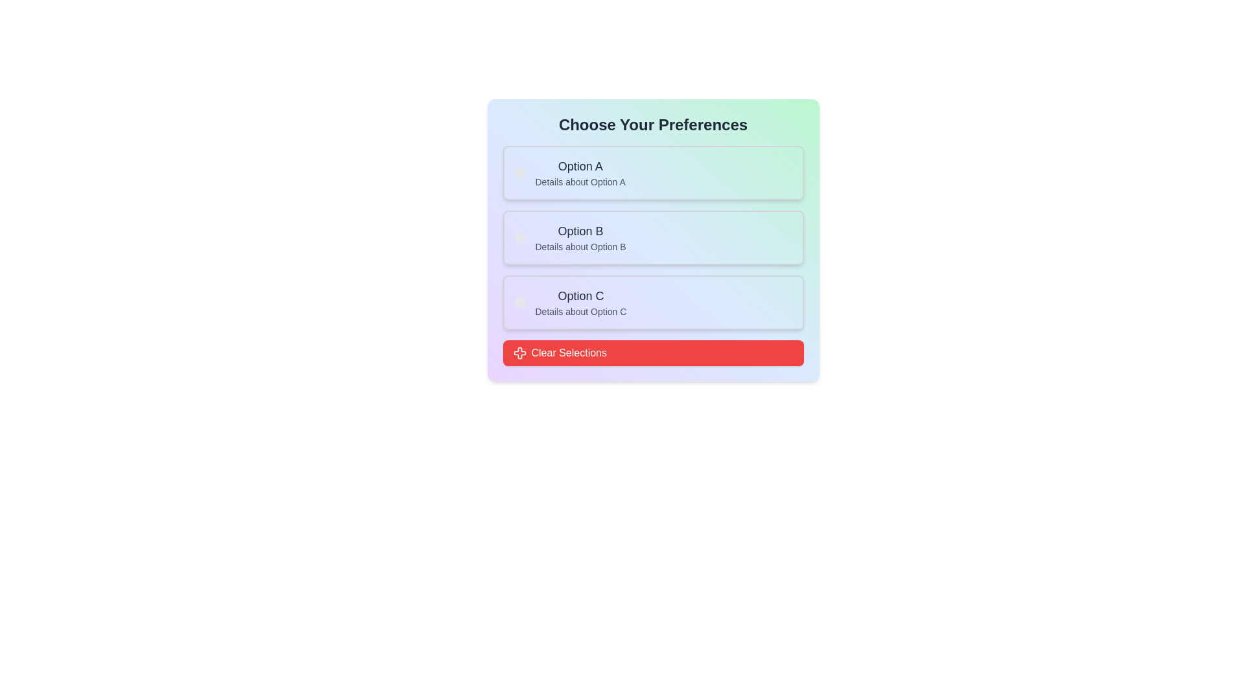  Describe the element at coordinates (653, 302) in the screenshot. I see `the Option card labeled 'Option C' to trigger its hover effects, which is the third selectable item in a vertical list with a gradient background` at that location.